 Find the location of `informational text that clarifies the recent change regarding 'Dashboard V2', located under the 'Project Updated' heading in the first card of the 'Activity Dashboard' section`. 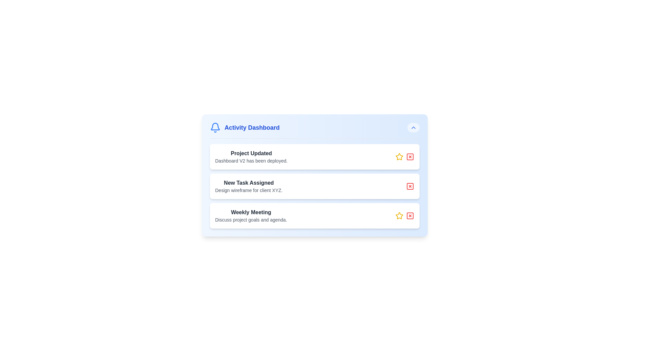

informational text that clarifies the recent change regarding 'Dashboard V2', located under the 'Project Updated' heading in the first card of the 'Activity Dashboard' section is located at coordinates (251, 161).